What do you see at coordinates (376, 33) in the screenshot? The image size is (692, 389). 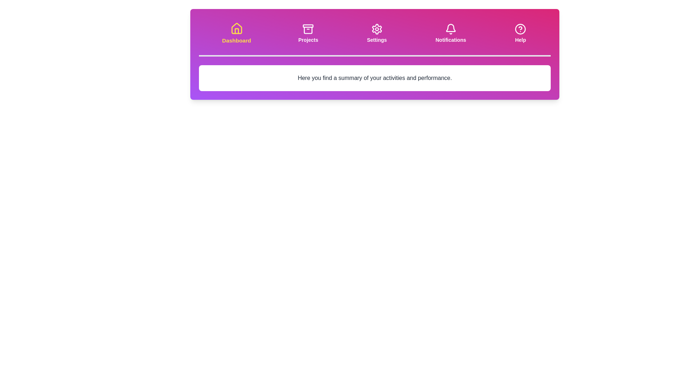 I see `the Settings tab to activate it` at bounding box center [376, 33].